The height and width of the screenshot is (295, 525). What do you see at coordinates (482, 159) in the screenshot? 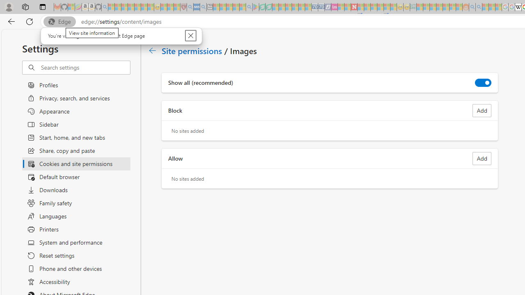
I see `'Add site to Allow list'` at bounding box center [482, 159].